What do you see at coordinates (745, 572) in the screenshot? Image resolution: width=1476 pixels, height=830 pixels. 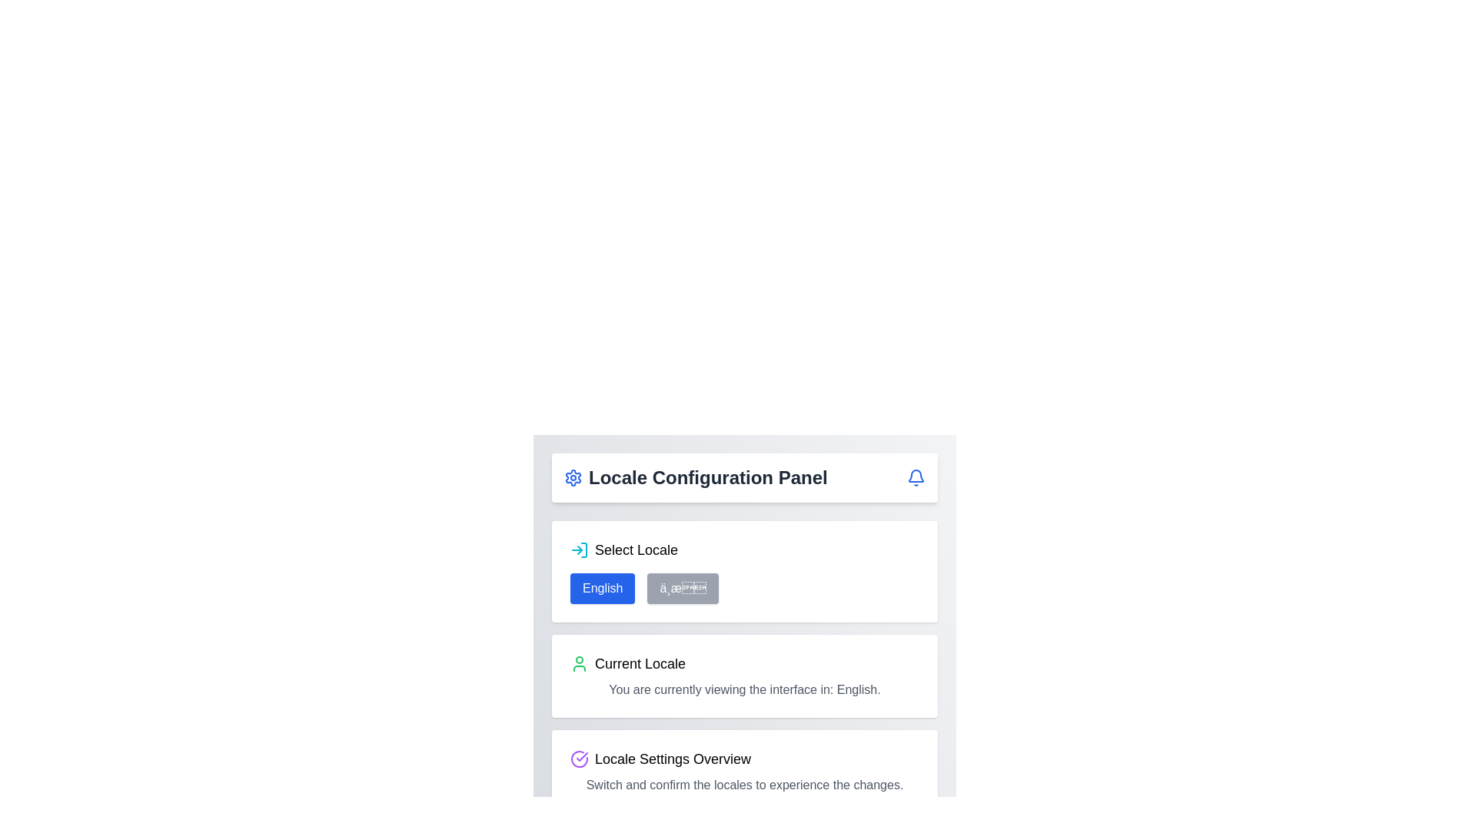 I see `title of the Locale Configuration Panel card, which is the first box among three vertically stacked cards in the middle section of the interface` at bounding box center [745, 572].